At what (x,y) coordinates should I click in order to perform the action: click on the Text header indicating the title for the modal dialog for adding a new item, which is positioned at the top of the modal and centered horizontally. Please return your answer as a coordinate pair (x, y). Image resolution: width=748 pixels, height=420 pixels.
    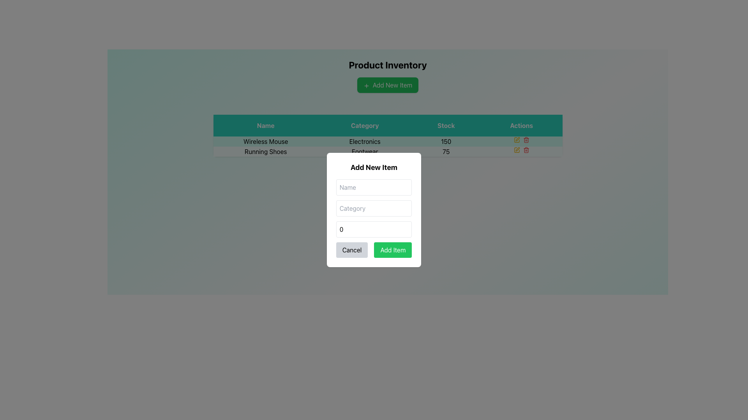
    Looking at the image, I should click on (374, 167).